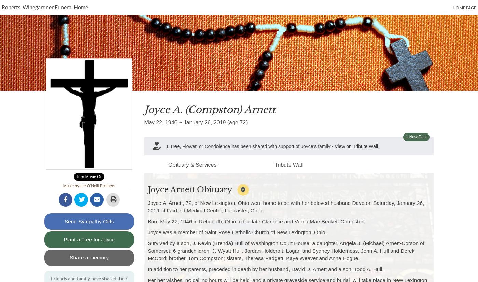  What do you see at coordinates (89, 221) in the screenshot?
I see `'Send Sympathy Gifts'` at bounding box center [89, 221].